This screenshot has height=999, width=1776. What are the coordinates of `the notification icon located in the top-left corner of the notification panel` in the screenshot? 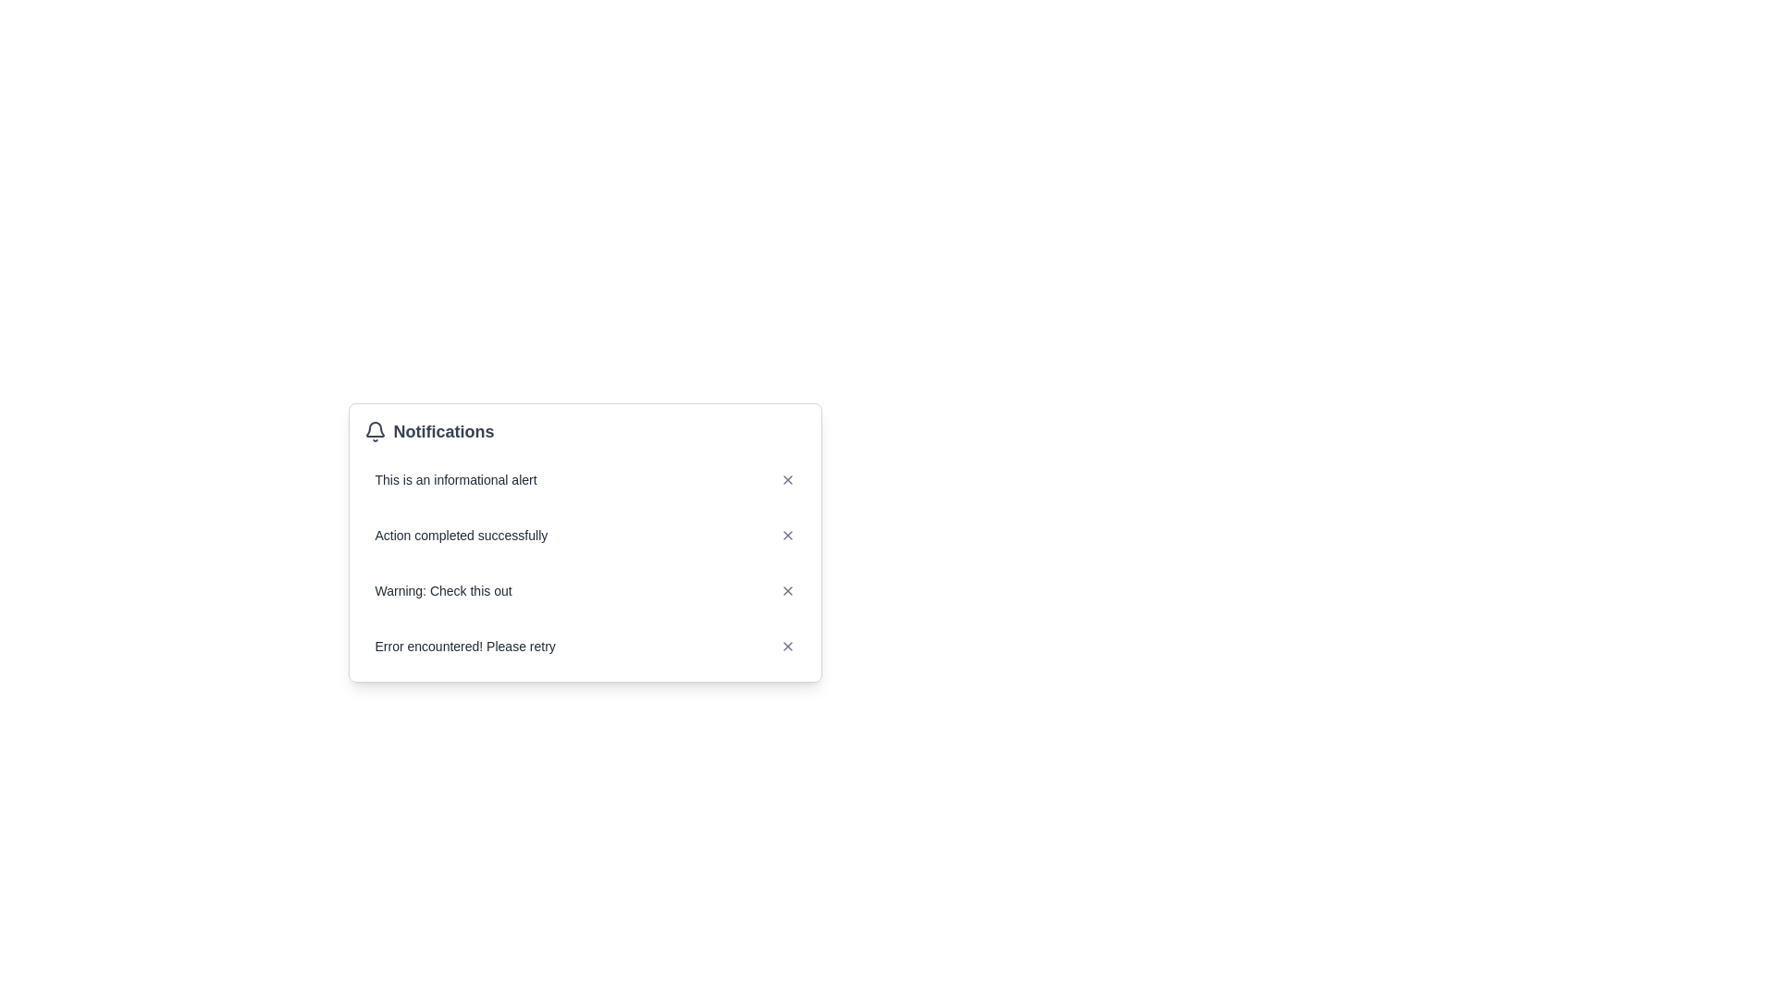 It's located at (374, 431).